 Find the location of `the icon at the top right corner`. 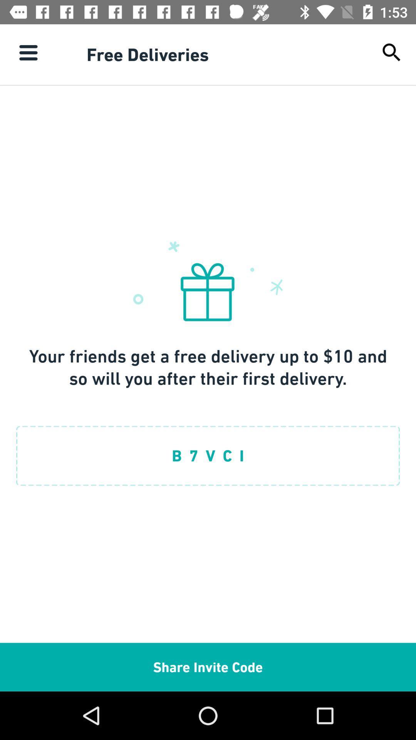

the icon at the top right corner is located at coordinates (392, 52).